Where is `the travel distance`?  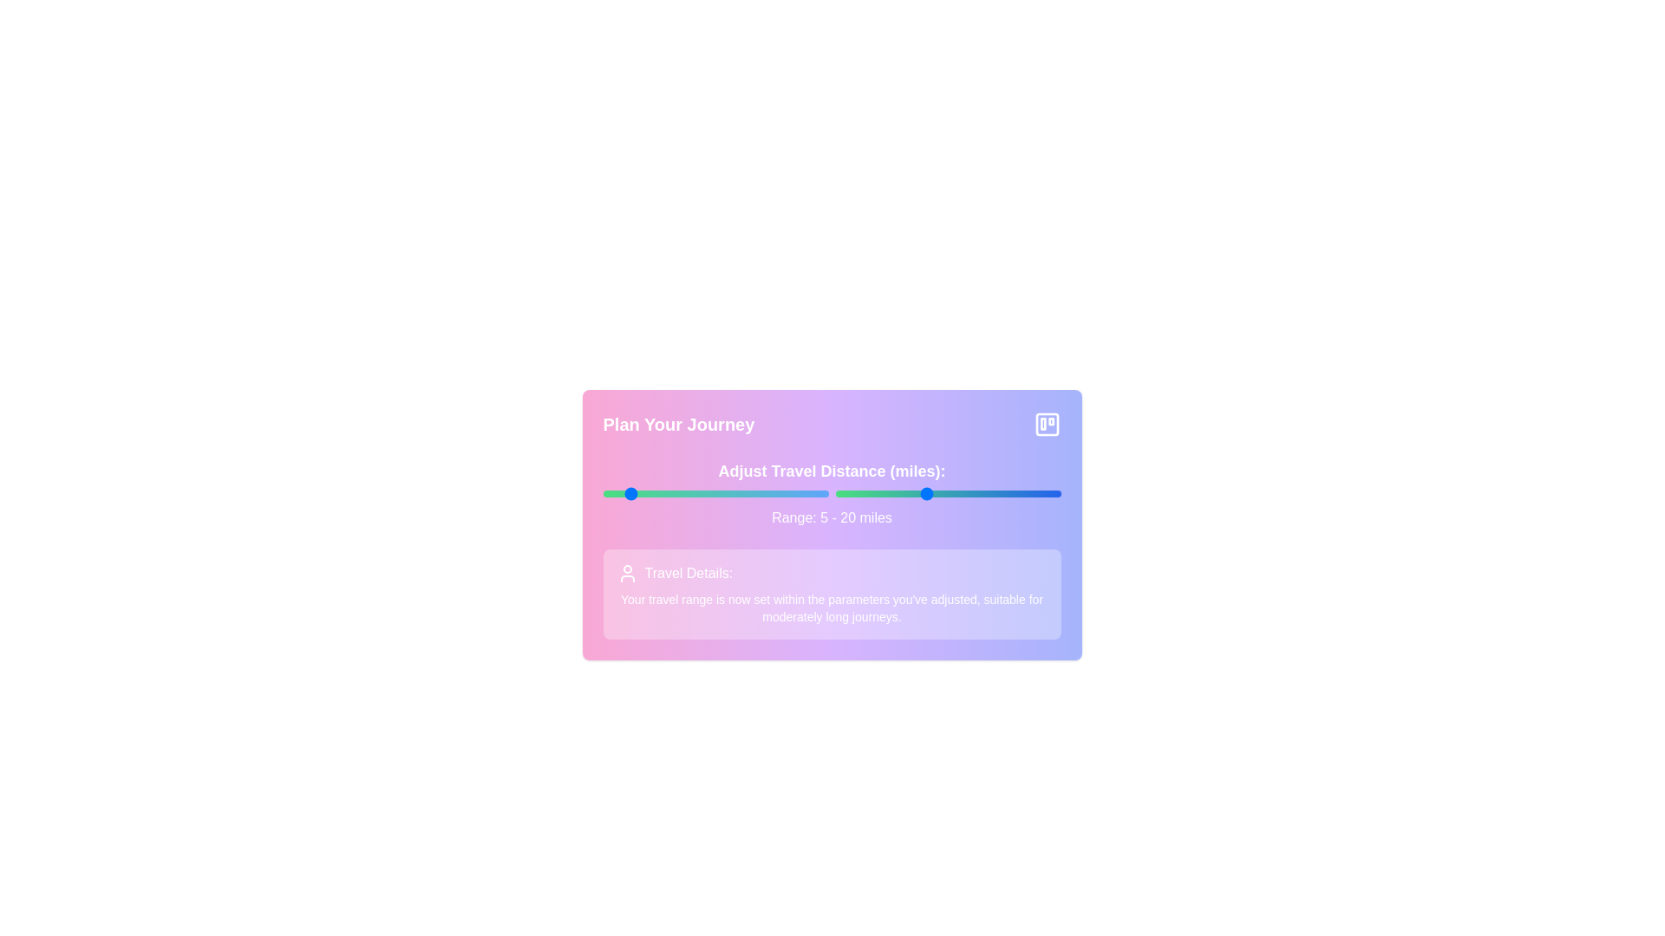 the travel distance is located at coordinates (898, 494).